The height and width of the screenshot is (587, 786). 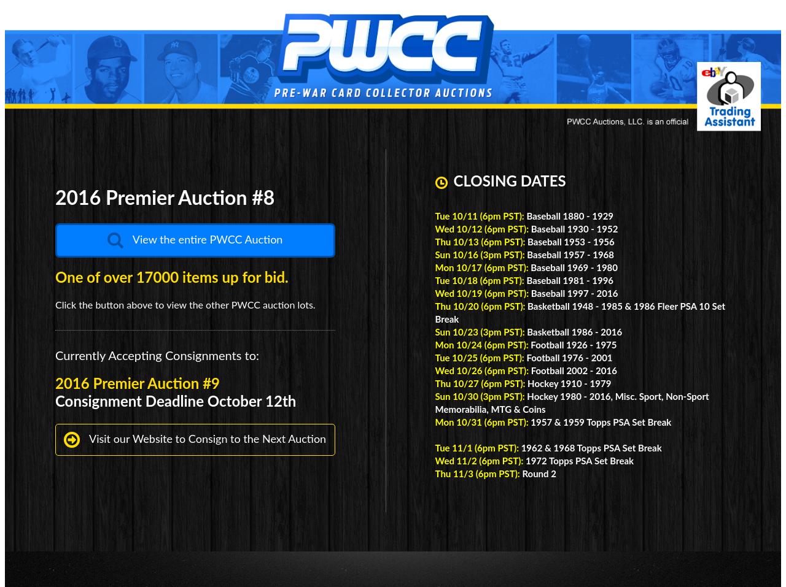 I want to click on 'Baseball 1997 - 2016', so click(x=531, y=293).